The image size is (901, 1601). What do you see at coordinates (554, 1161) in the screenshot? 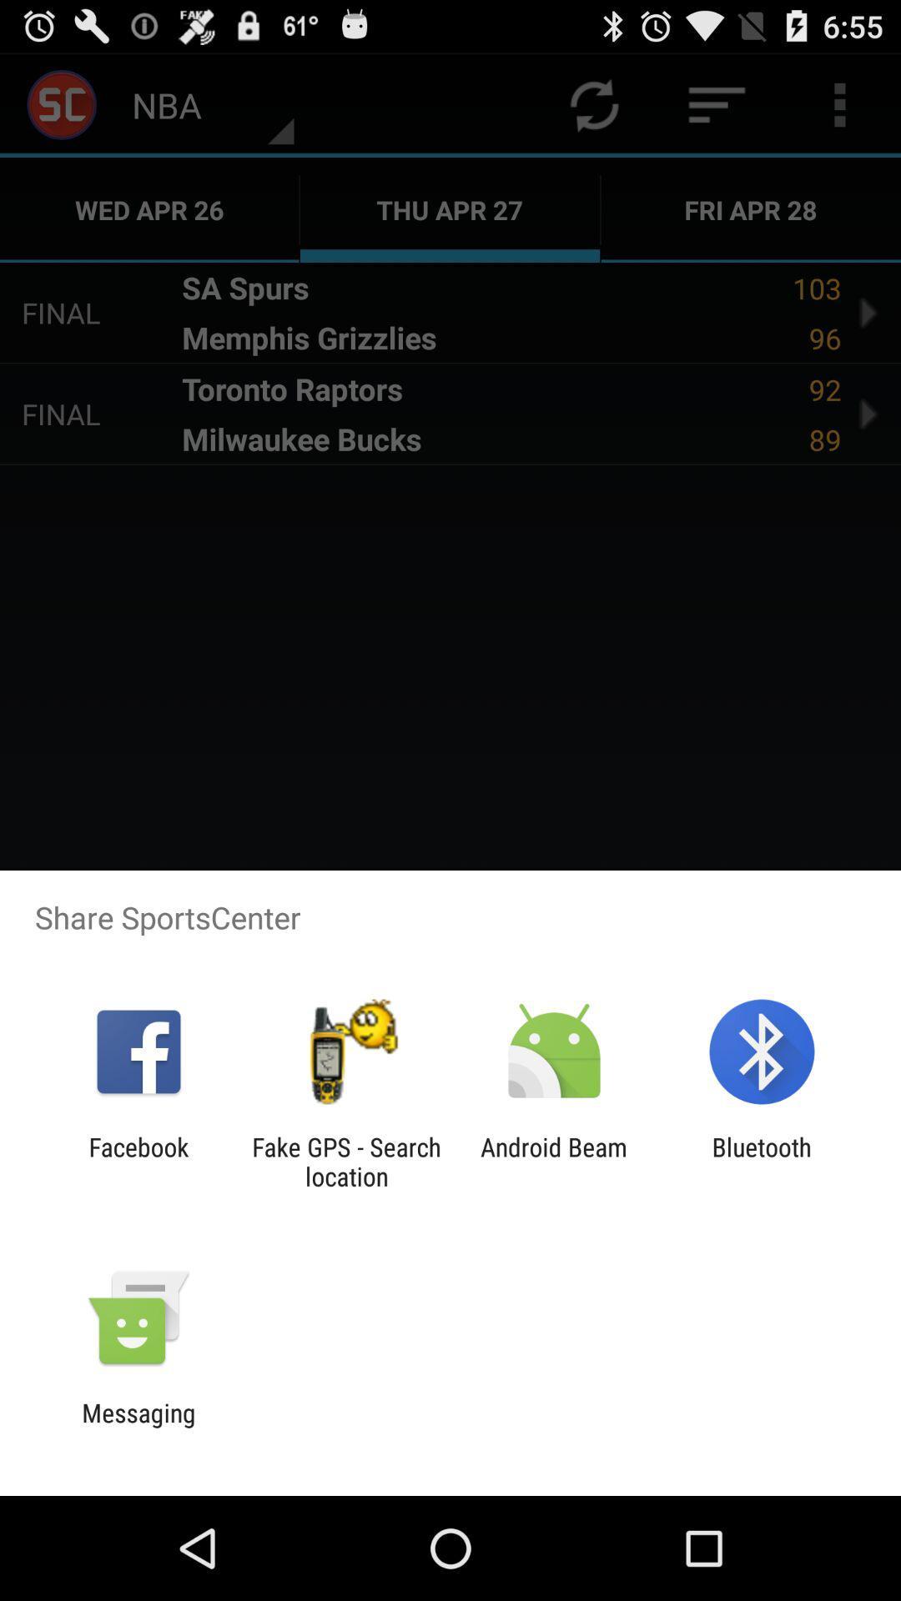
I see `the app next to the bluetooth icon` at bounding box center [554, 1161].